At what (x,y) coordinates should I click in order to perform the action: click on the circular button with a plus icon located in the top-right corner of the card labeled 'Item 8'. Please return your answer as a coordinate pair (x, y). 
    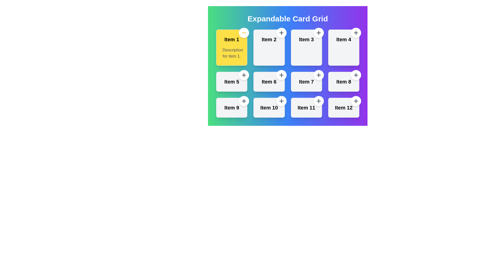
    Looking at the image, I should click on (356, 75).